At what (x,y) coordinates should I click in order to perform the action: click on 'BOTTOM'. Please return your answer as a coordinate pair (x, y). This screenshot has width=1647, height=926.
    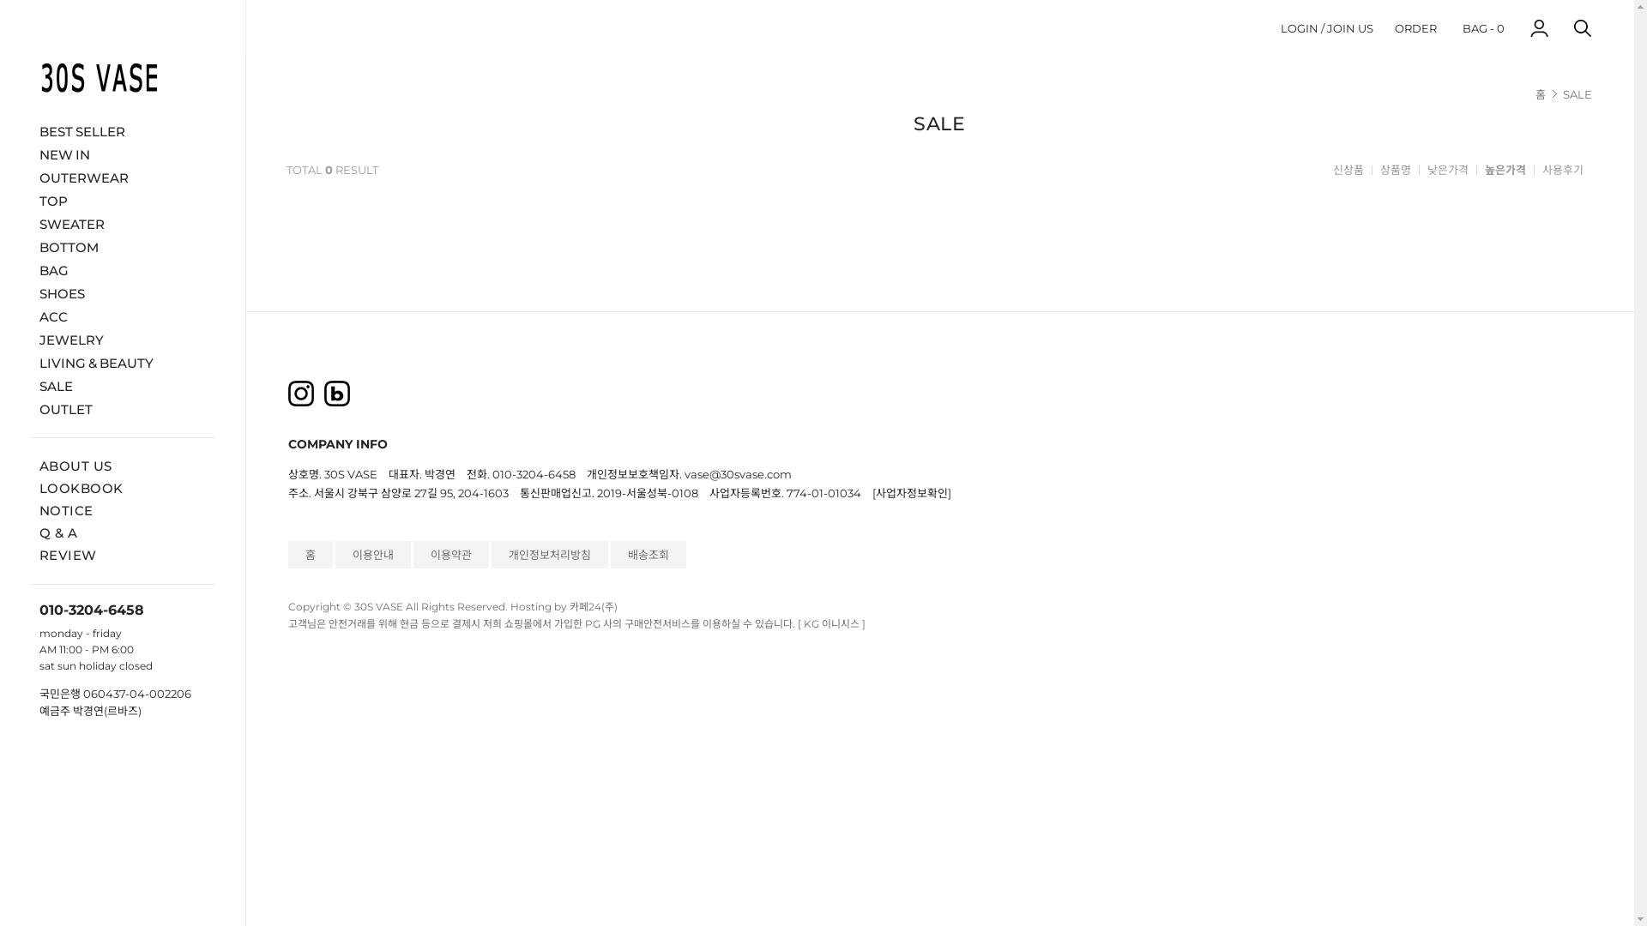
    Looking at the image, I should click on (122, 246).